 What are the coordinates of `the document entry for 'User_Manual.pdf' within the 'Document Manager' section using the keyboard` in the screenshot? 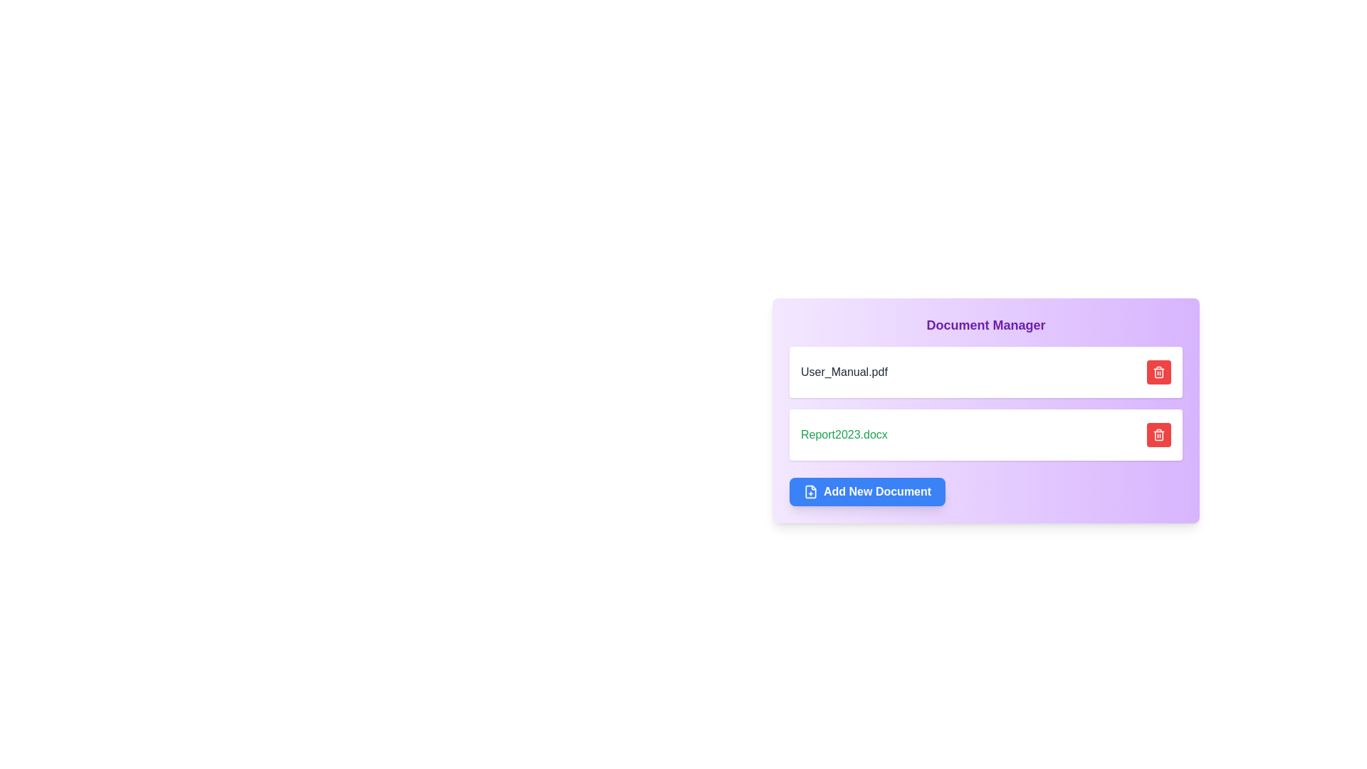 It's located at (985, 372).